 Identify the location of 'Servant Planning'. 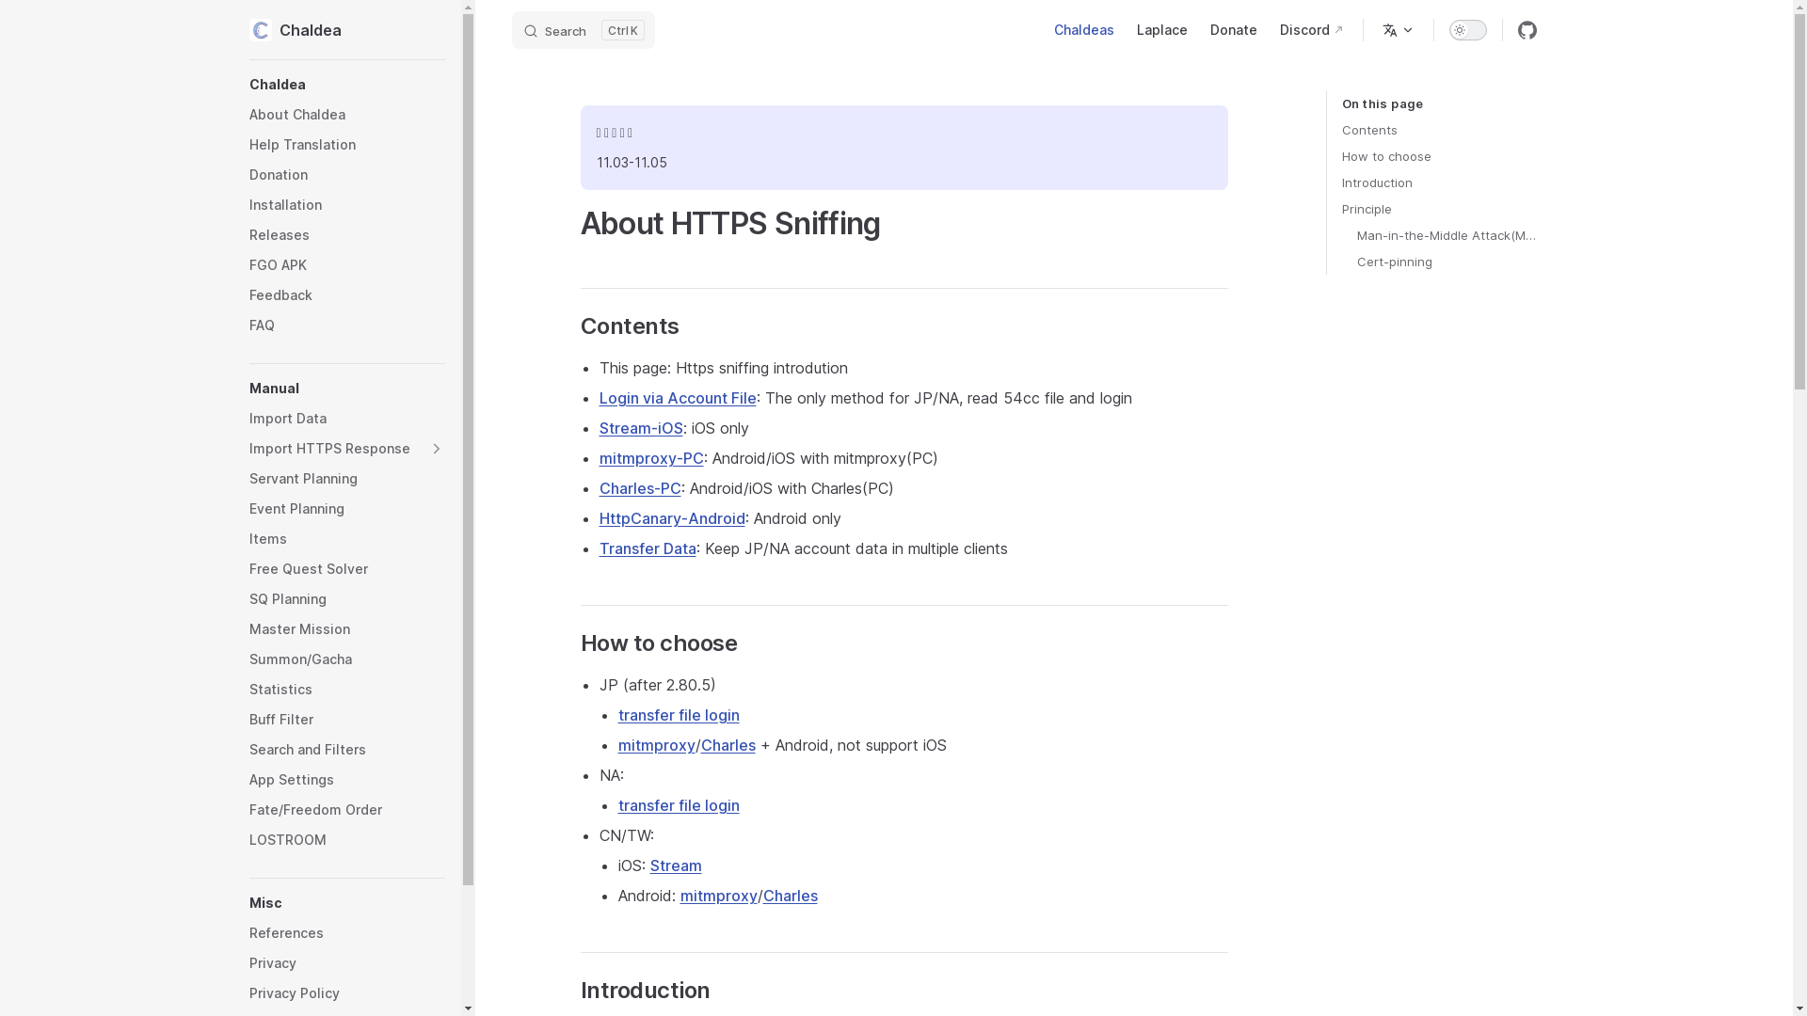
(346, 478).